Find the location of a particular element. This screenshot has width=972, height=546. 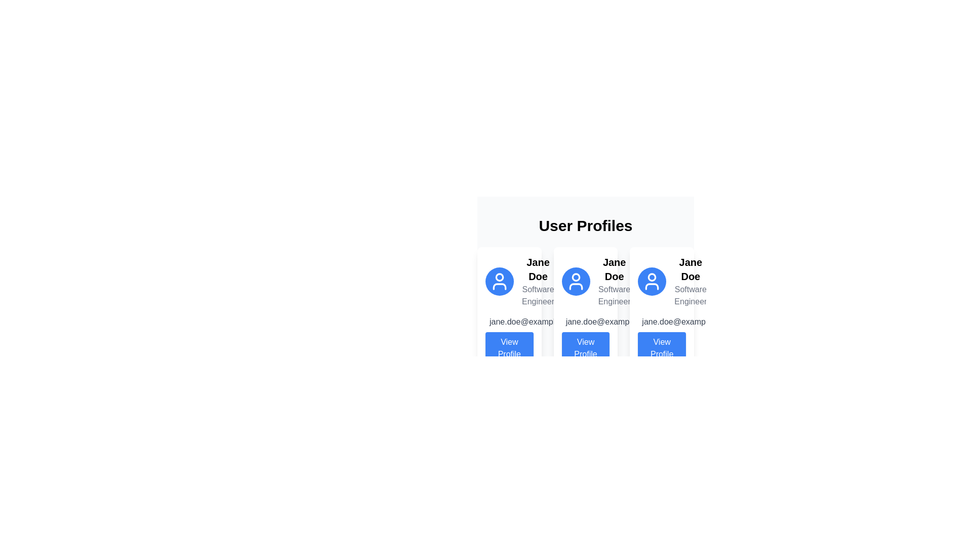

the third user profile icon, which is a white user silhouette on a blue circular background, located at the center-right of the layout is located at coordinates (652, 281).